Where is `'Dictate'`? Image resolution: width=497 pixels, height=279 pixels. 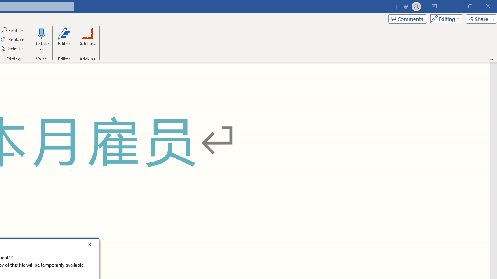
'Dictate' is located at coordinates (41, 33).